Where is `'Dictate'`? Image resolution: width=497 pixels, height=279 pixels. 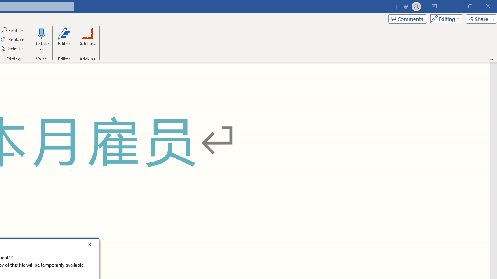
'Dictate' is located at coordinates (41, 33).